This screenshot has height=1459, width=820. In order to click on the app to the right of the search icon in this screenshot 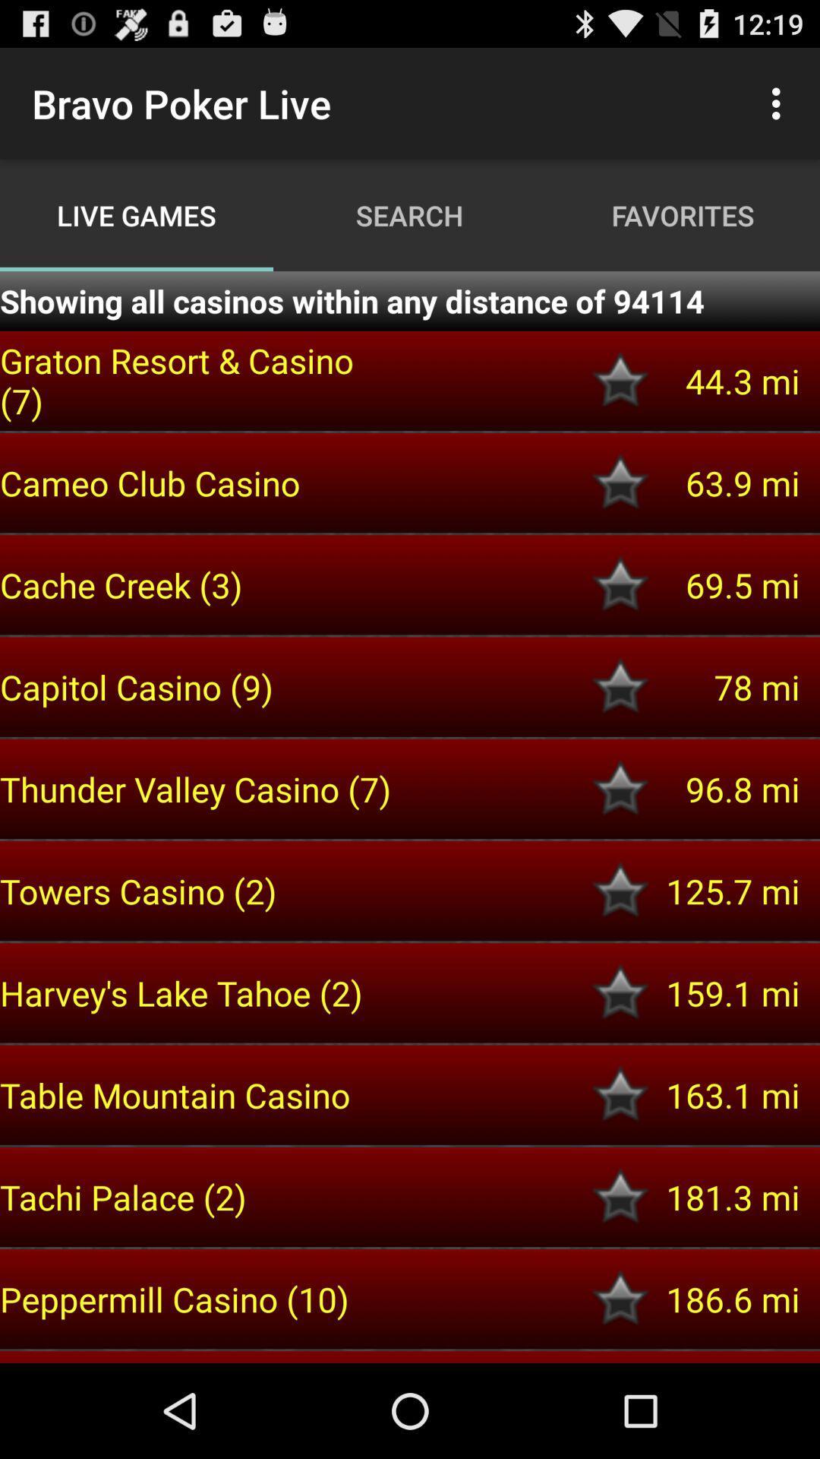, I will do `click(780, 103)`.